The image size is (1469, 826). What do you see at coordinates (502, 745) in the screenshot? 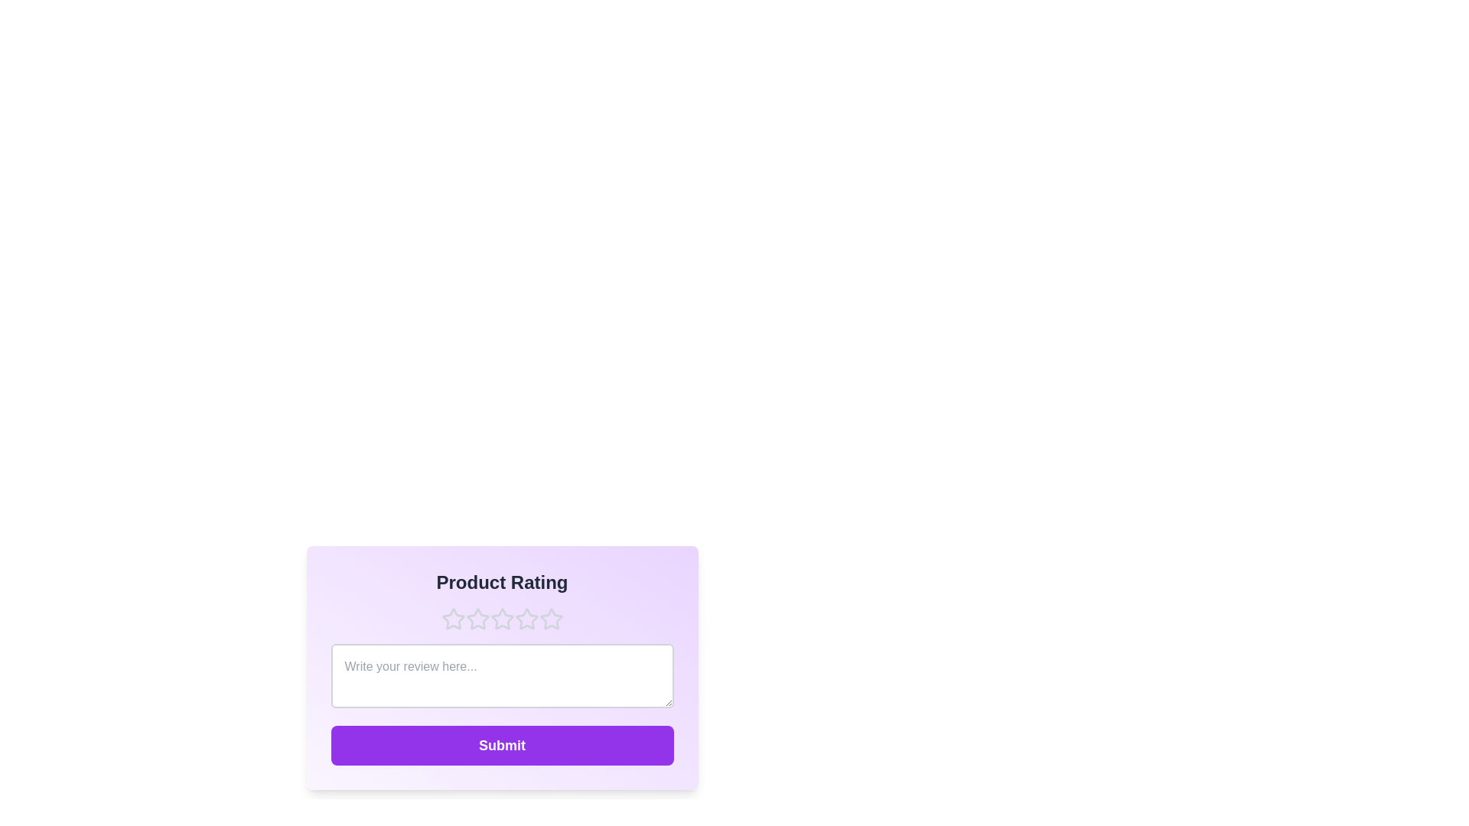
I see `the submit button to submit the review` at bounding box center [502, 745].